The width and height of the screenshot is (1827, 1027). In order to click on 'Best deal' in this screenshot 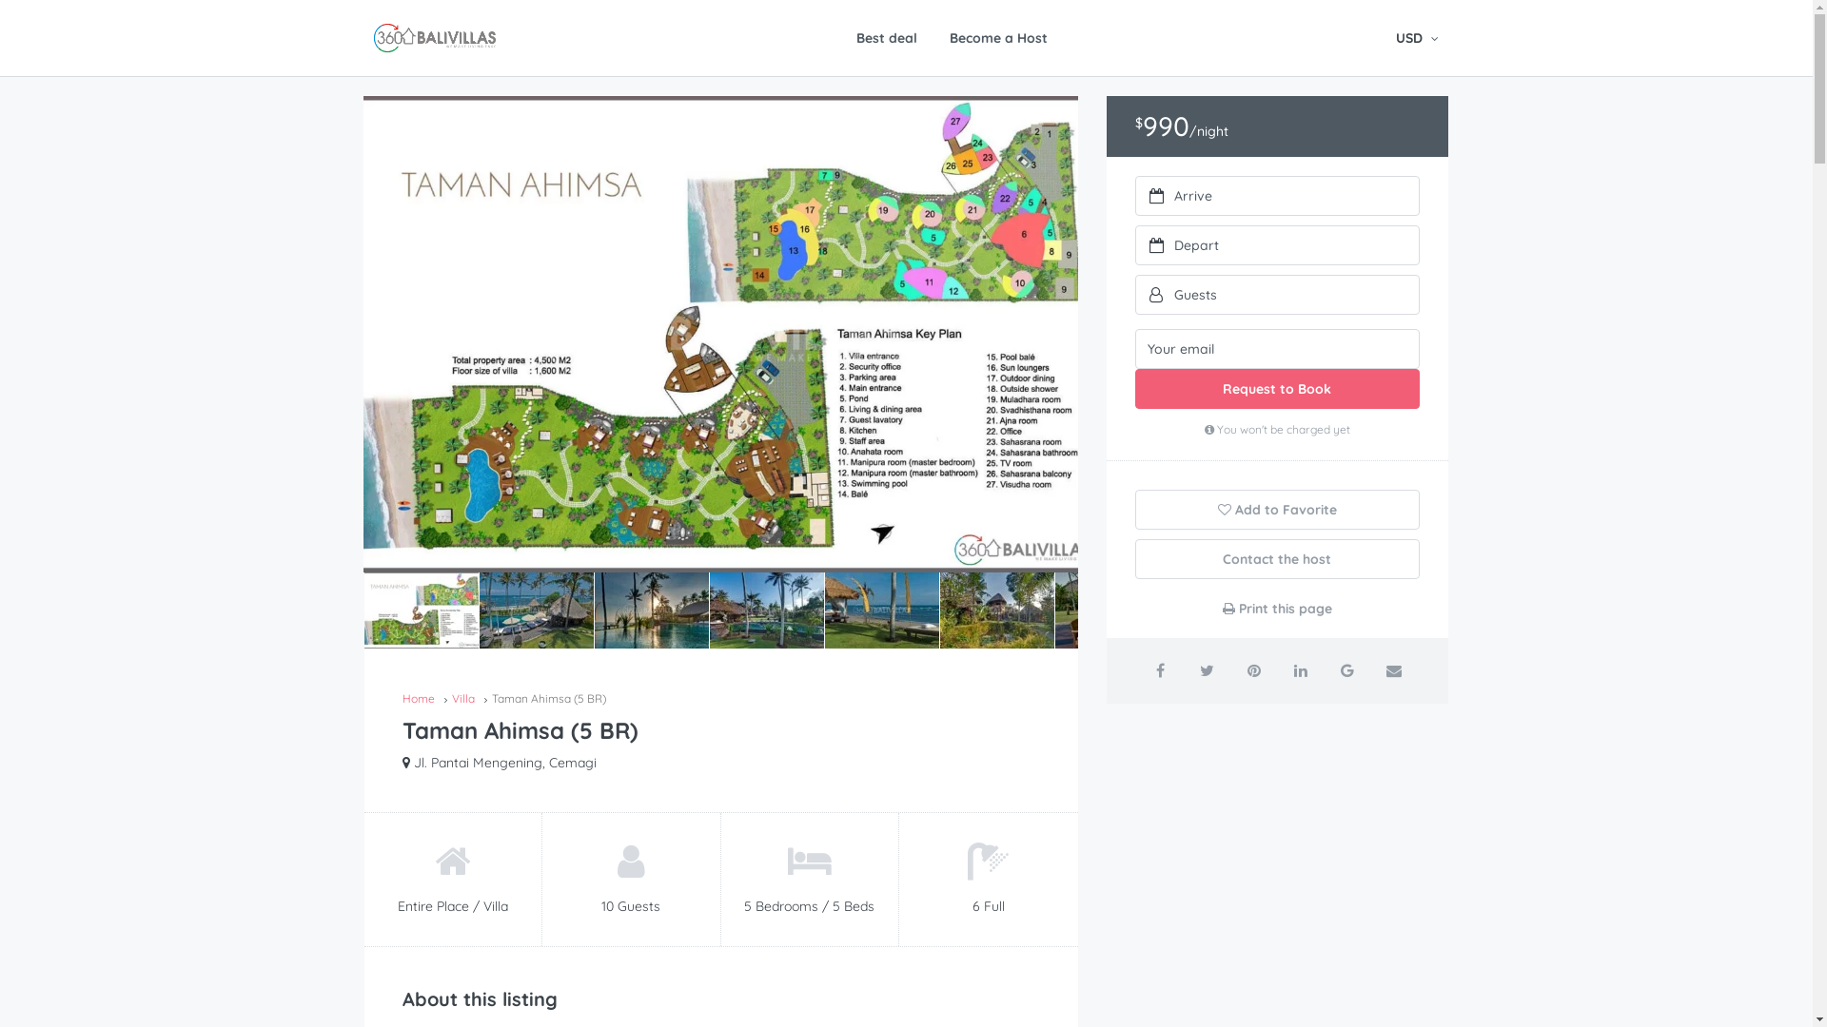, I will do `click(885, 37)`.